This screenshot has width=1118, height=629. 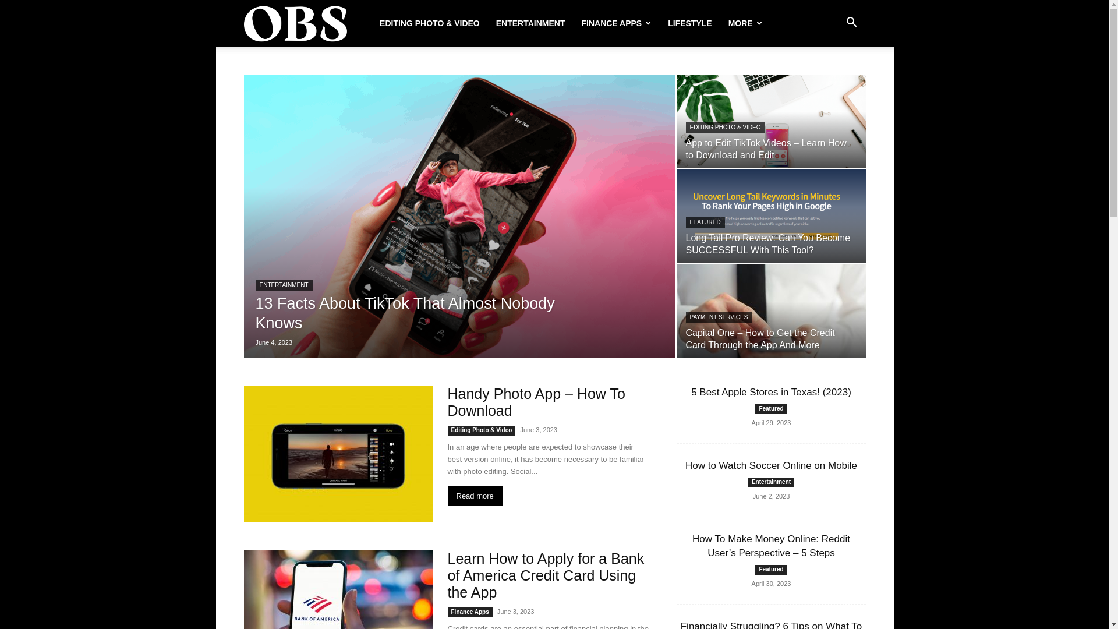 I want to click on 'Entertainment', so click(x=771, y=482).